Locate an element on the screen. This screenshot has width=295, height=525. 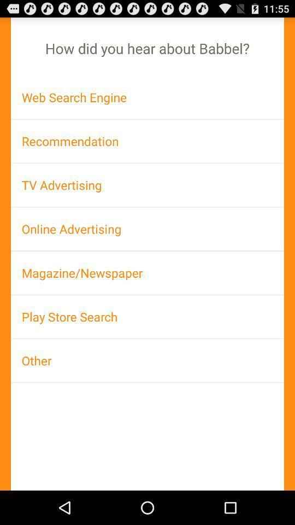
item above online advertising app is located at coordinates (147, 185).